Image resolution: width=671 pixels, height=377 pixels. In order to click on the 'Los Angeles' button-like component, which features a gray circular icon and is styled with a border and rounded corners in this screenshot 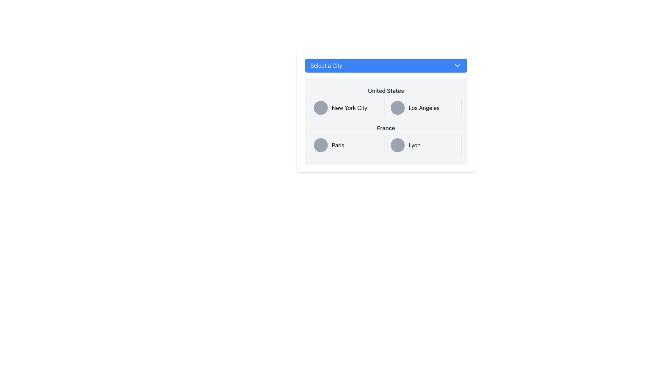, I will do `click(424, 108)`.